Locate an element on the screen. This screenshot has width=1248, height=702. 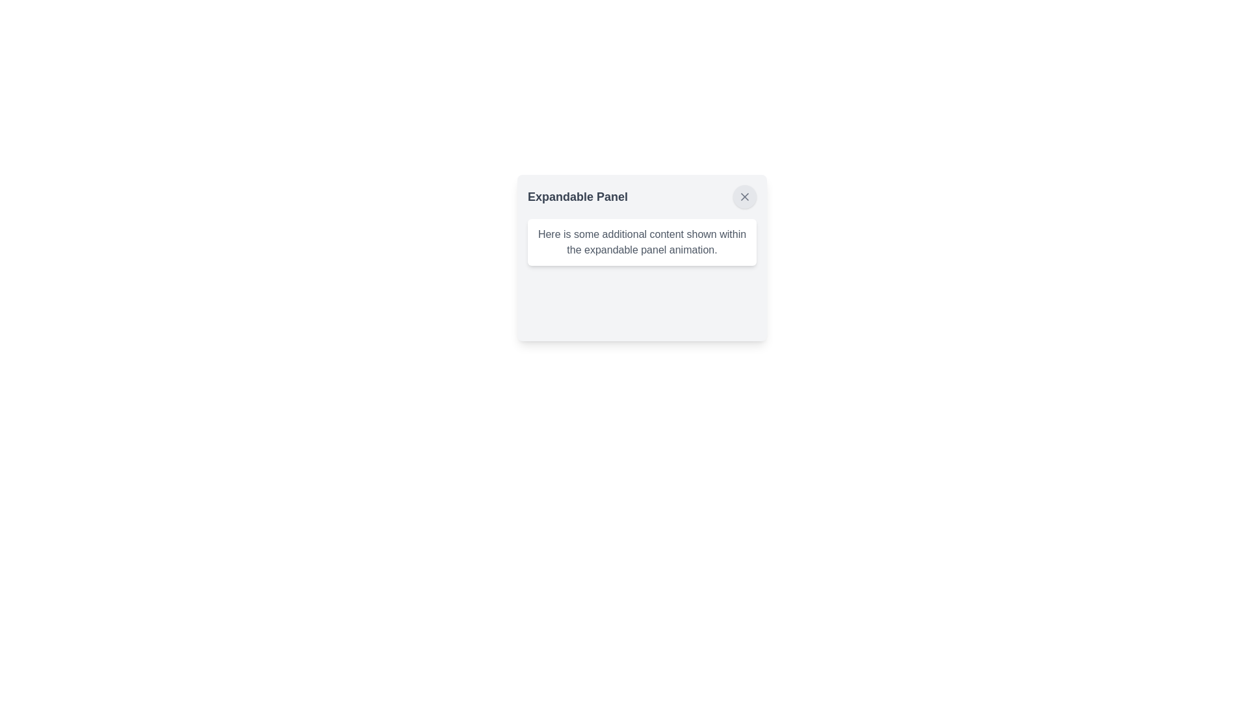
text content displayed in the light gray rectangular text block located below the title of the 'Expandable Panel' is located at coordinates (642, 242).